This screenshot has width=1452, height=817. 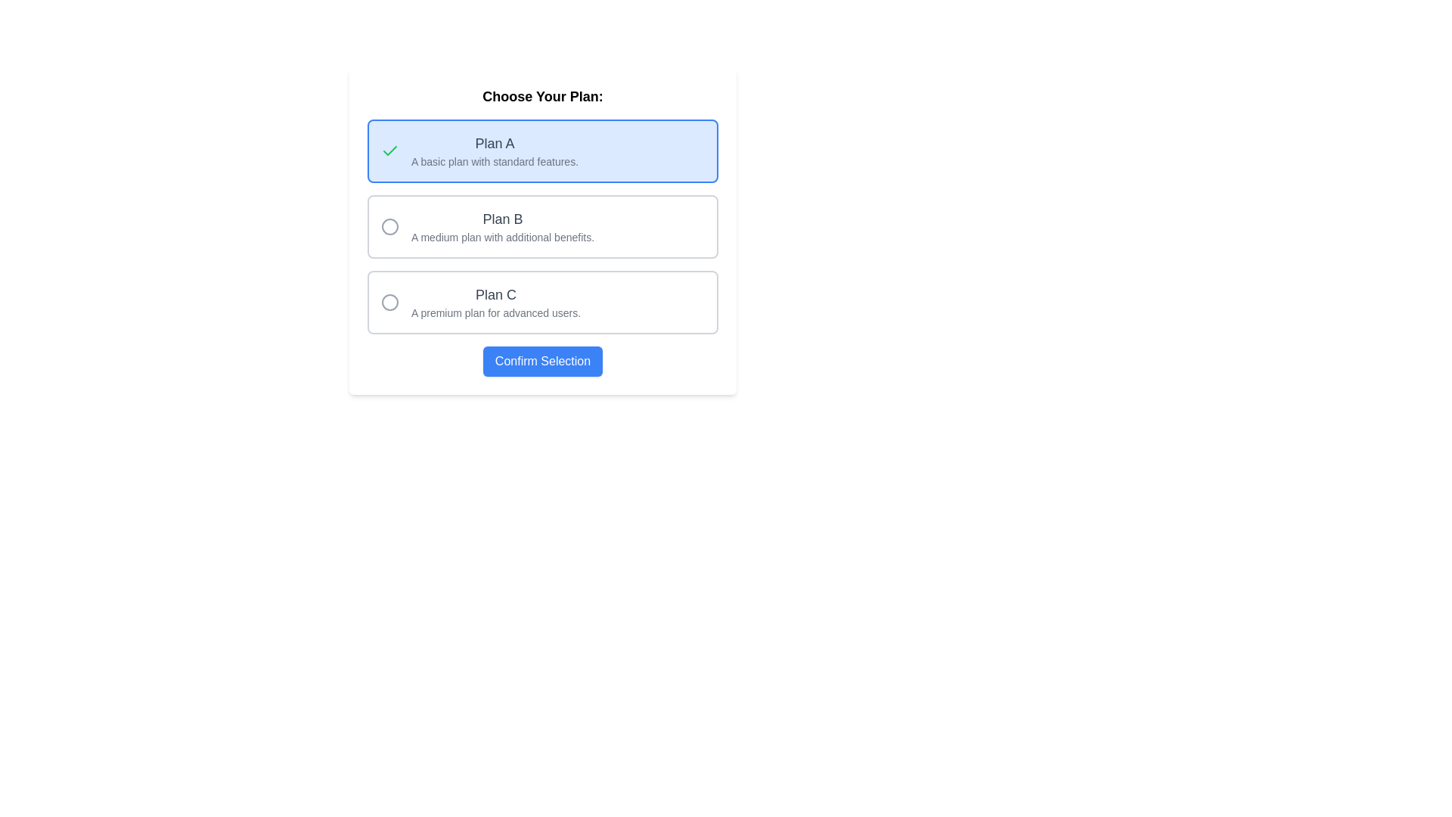 What do you see at coordinates (389, 303) in the screenshot?
I see `the radio button icon for 'Plan C', which is located in the left side of the third option row in a vertical list of selectable options, situated below 'Plan B' and above the confirm button` at bounding box center [389, 303].